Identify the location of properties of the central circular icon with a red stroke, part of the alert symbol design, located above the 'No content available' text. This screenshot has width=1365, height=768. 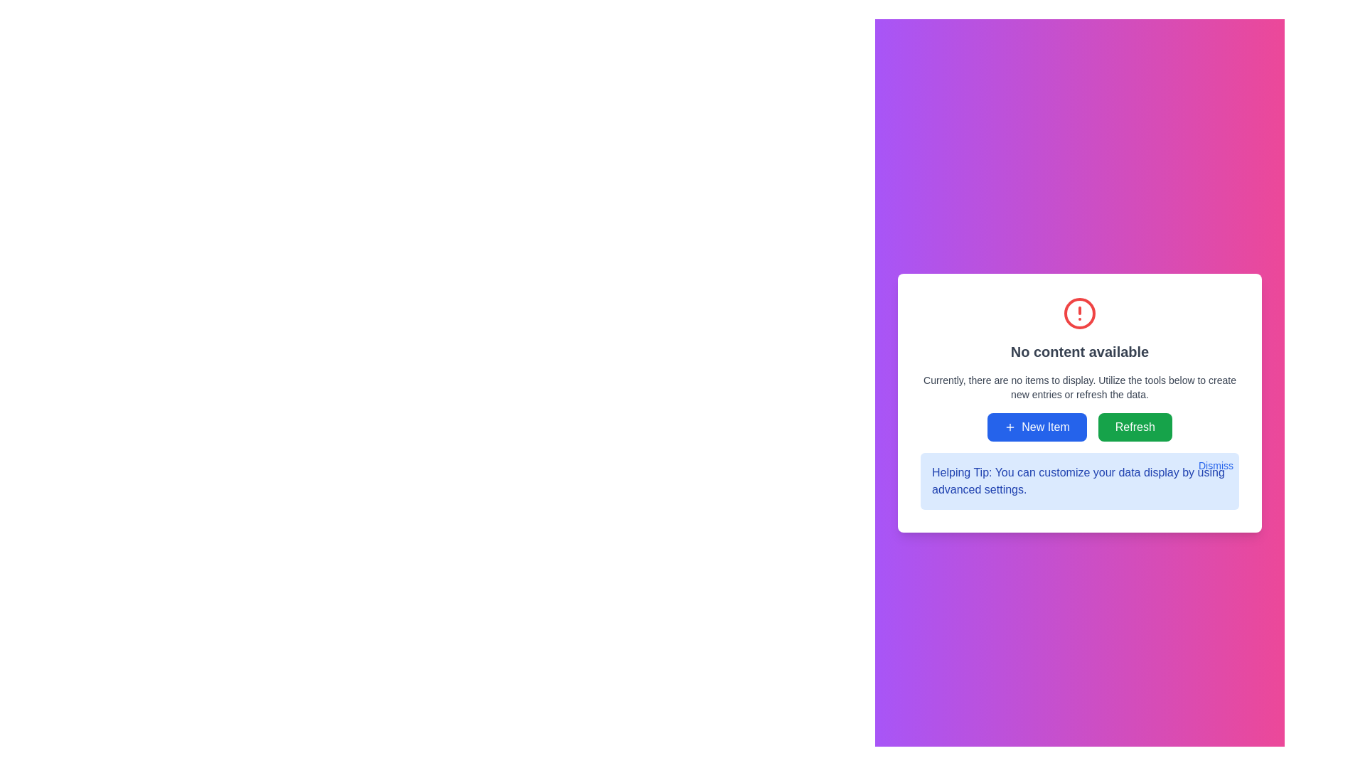
(1079, 312).